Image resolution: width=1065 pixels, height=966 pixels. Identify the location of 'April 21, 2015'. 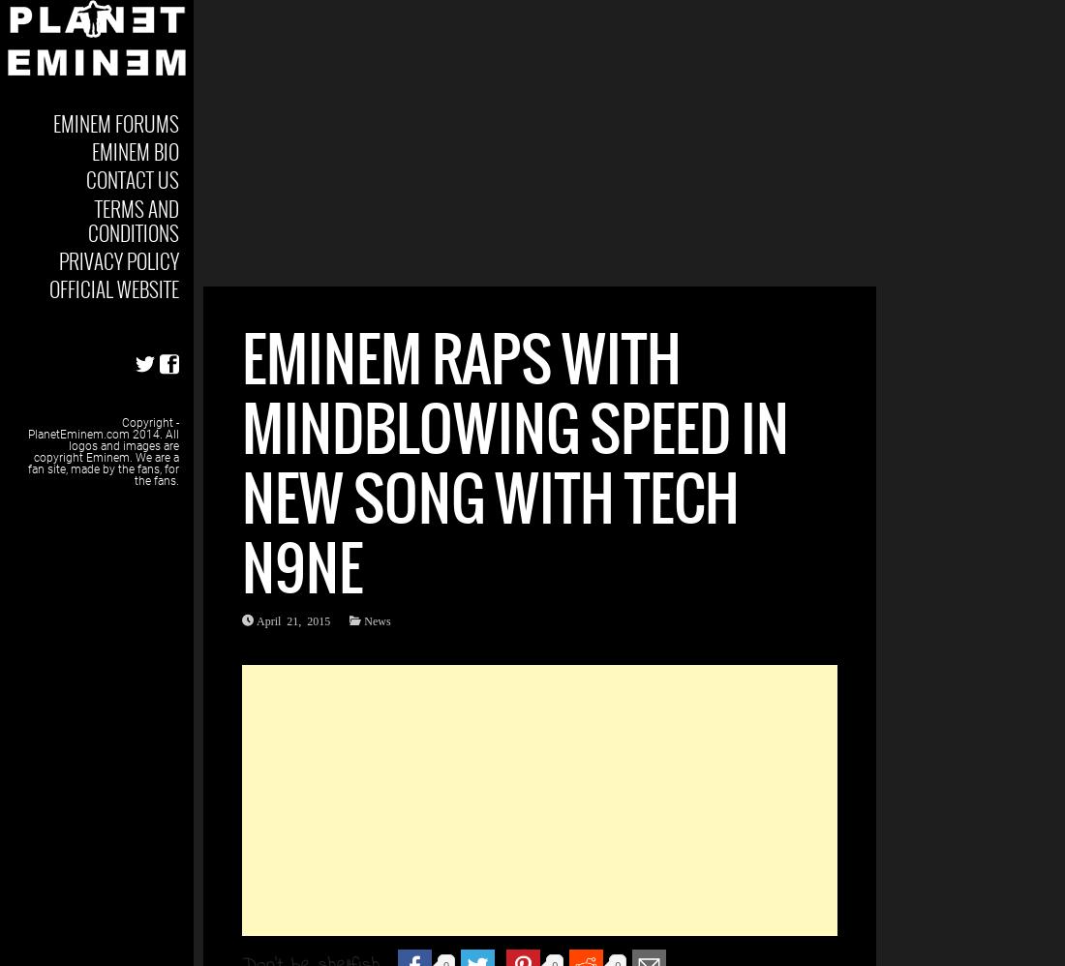
(256, 620).